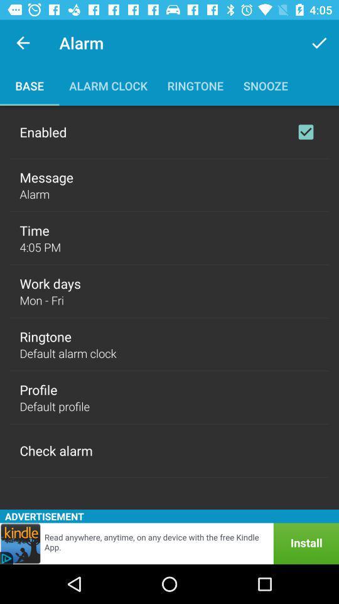 This screenshot has width=339, height=604. I want to click on the app to the right of the alarm app, so click(319, 43).